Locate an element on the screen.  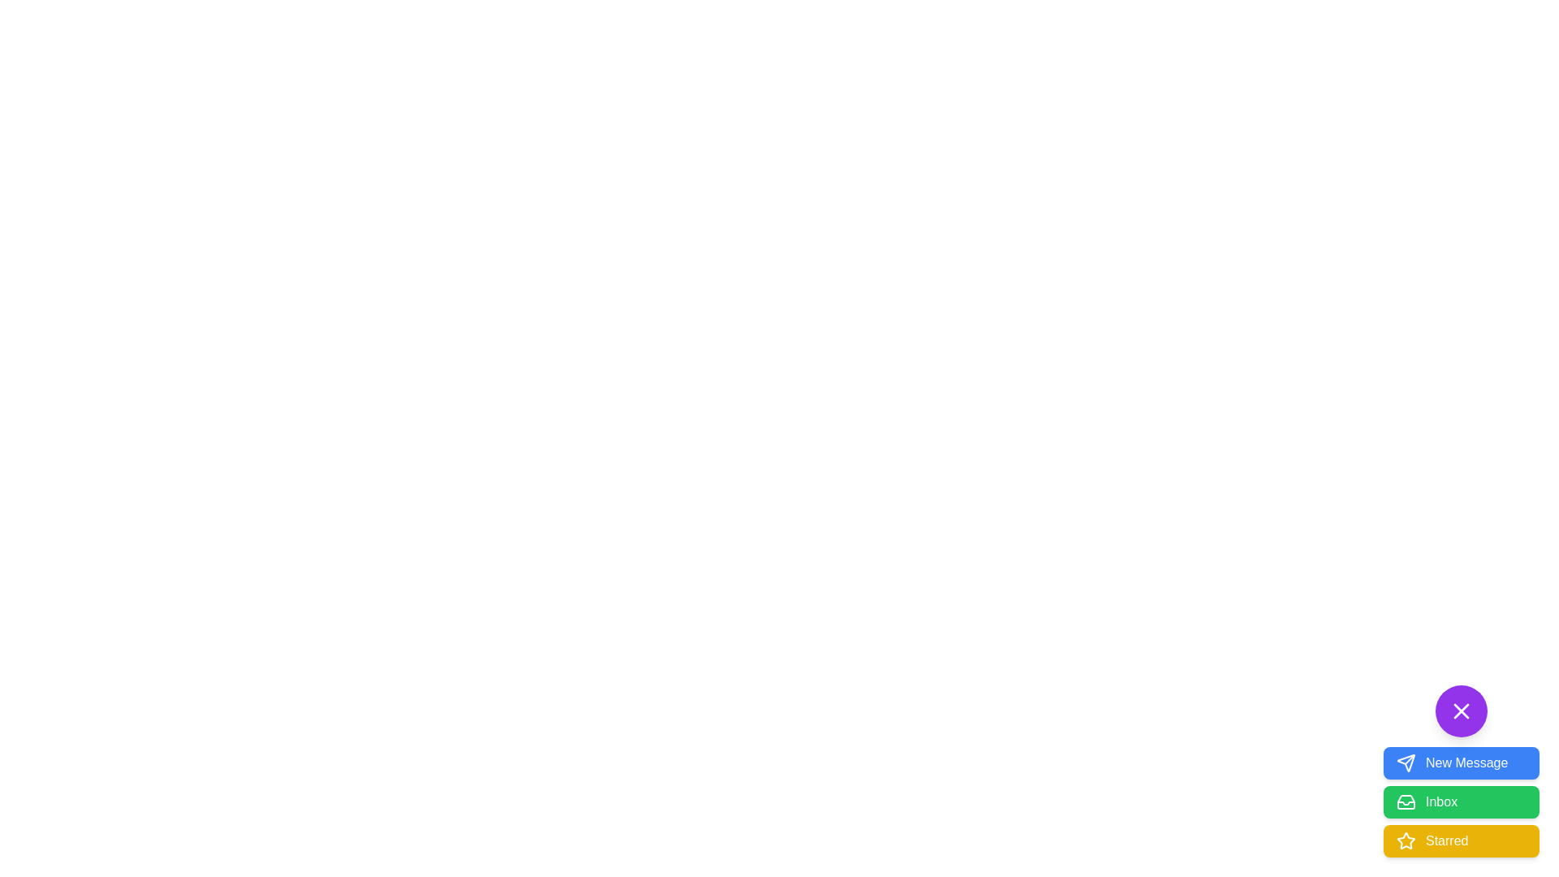
the 'Starred' text label within the yellow button to filter starred items is located at coordinates (1447, 840).